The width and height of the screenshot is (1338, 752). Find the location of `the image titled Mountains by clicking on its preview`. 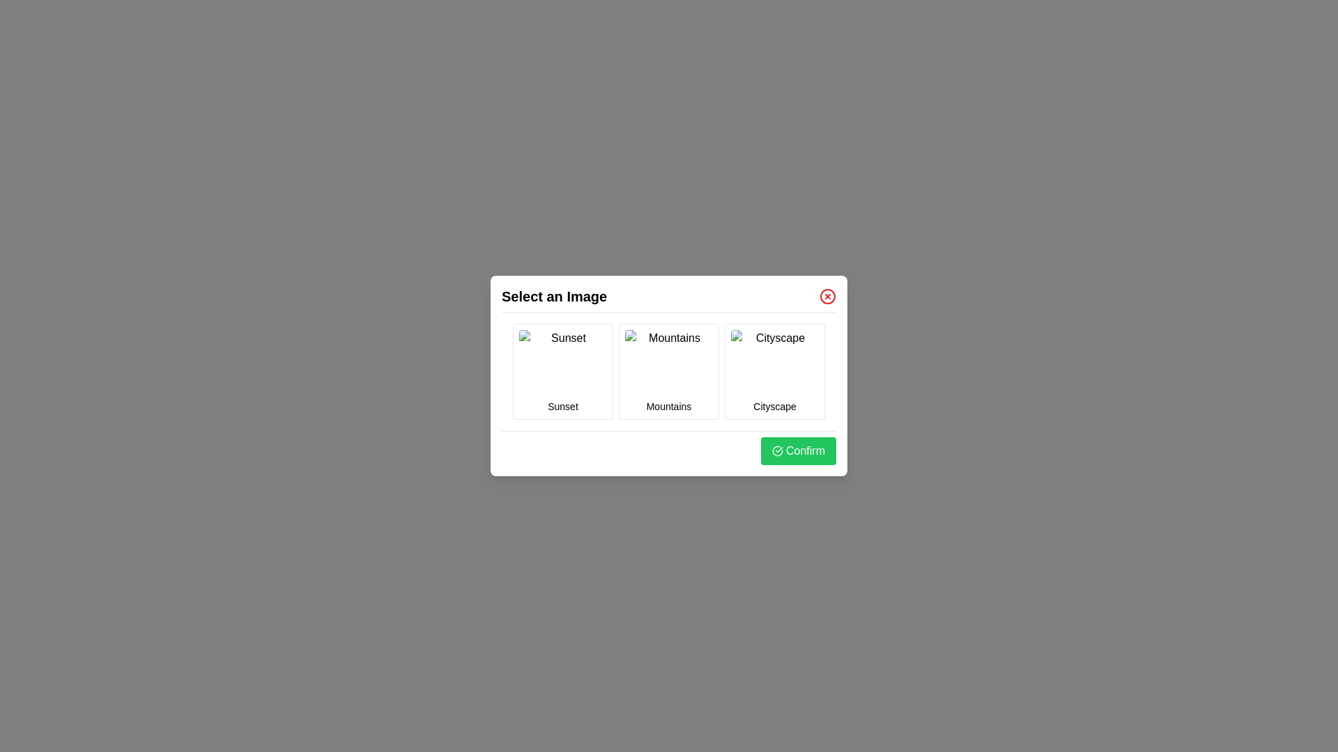

the image titled Mountains by clicking on its preview is located at coordinates (669, 362).